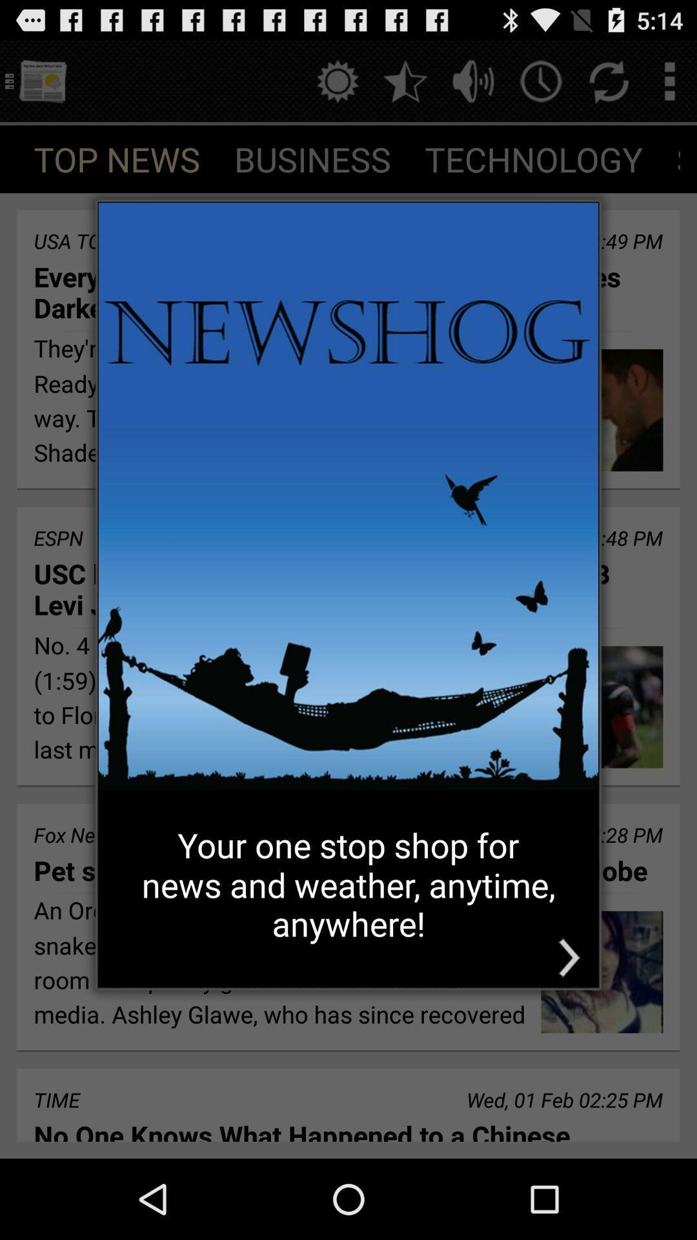  Describe the element at coordinates (569, 958) in the screenshot. I see `the icon at the bottom right corner` at that location.